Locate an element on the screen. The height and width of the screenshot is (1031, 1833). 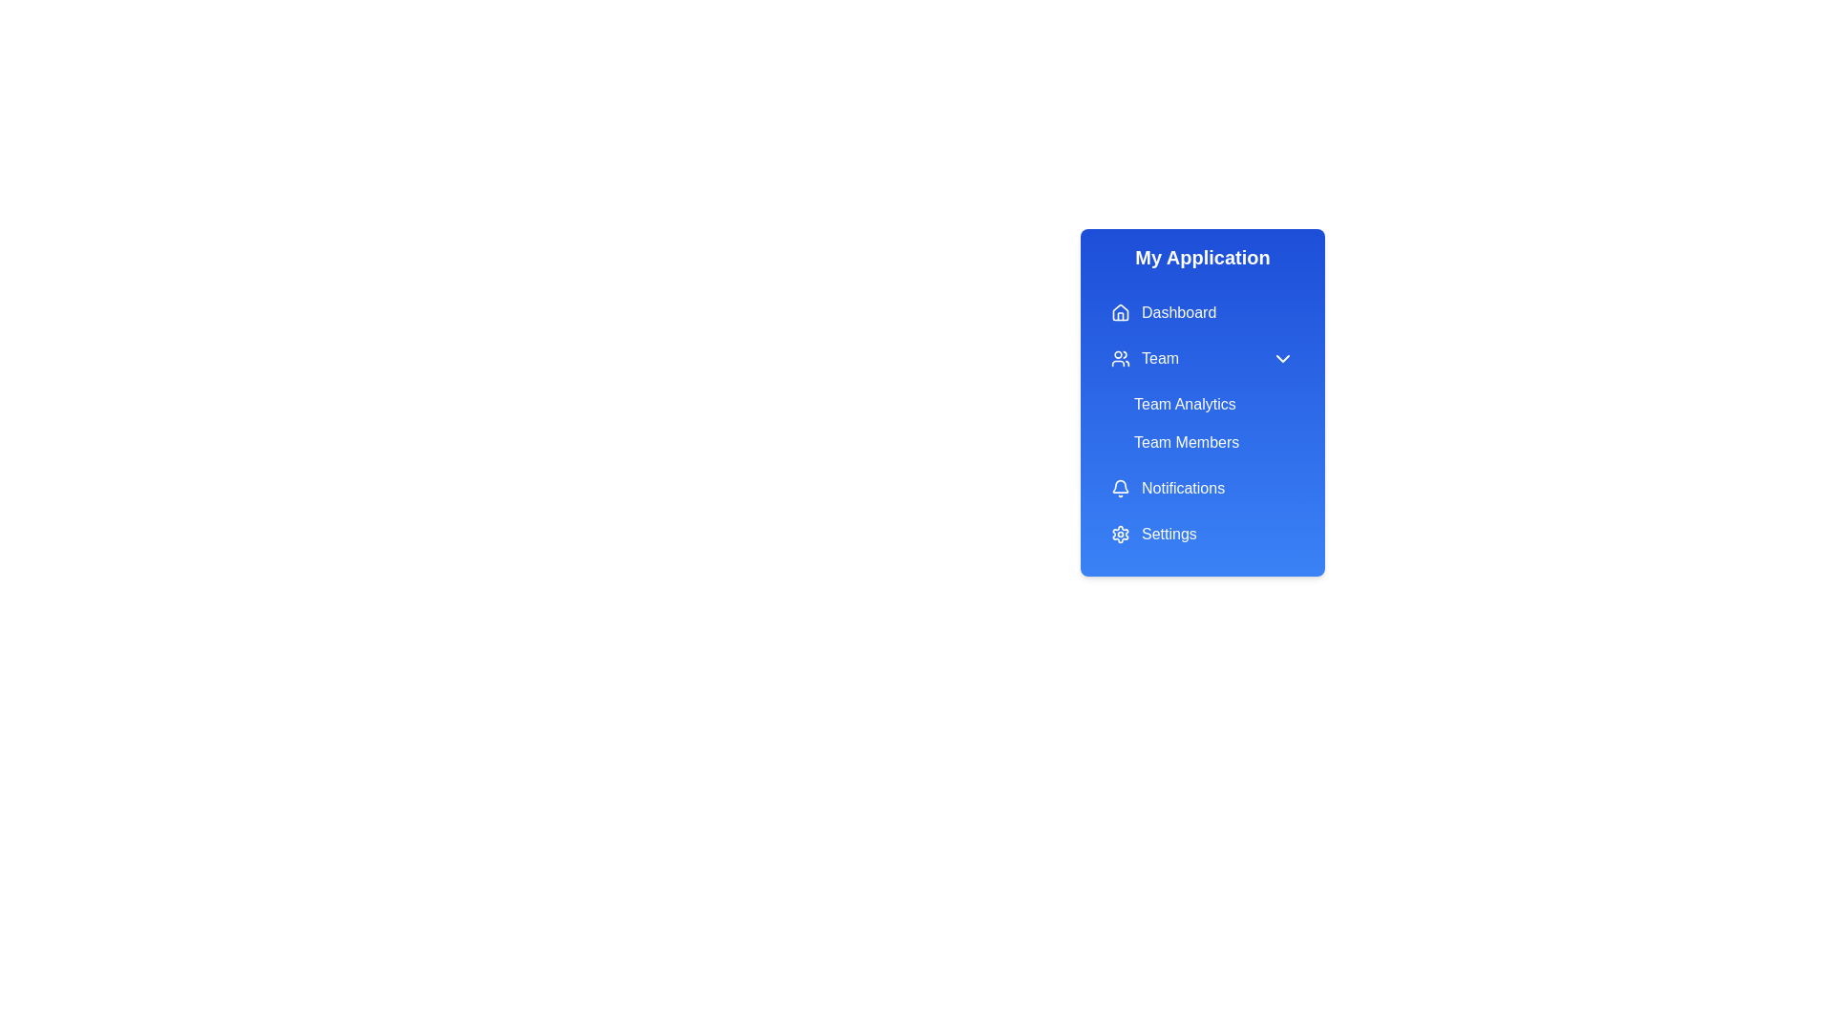
the house-shaped SVG icon, which has a triangular roof and a rectangular base, located near the top-left of the sidebar interface next to the 'Dashboard' label is located at coordinates (1121, 311).